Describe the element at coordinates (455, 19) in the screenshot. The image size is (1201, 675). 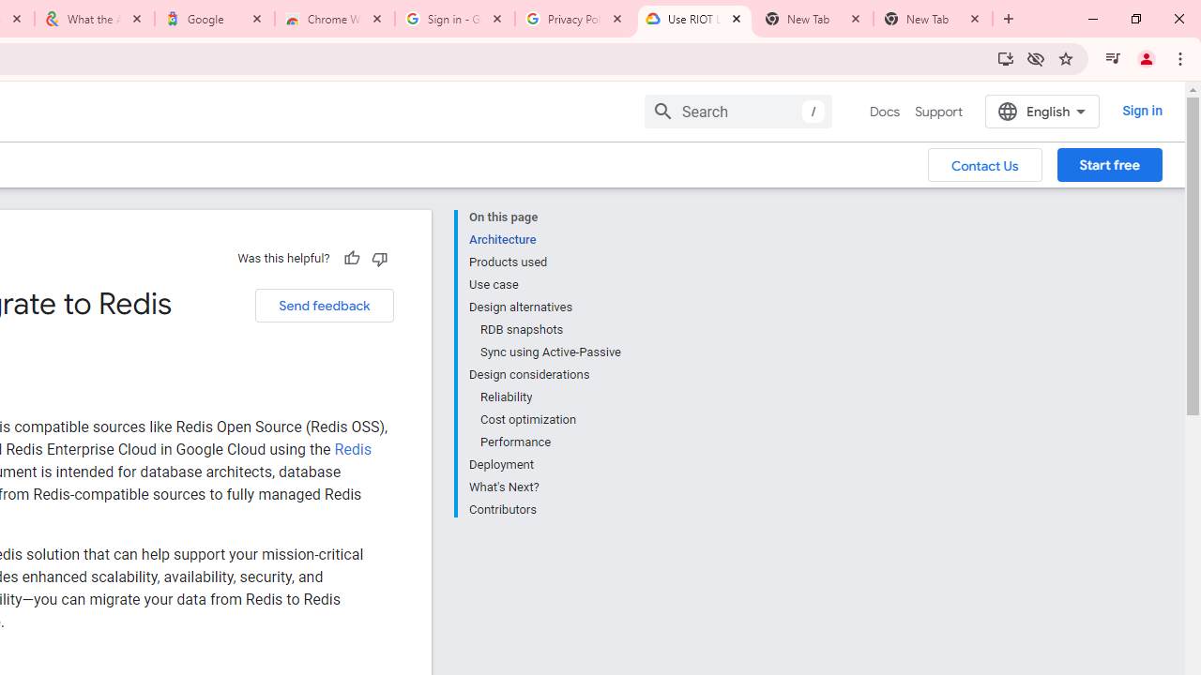
I see `'Sign in - Google Accounts'` at that location.